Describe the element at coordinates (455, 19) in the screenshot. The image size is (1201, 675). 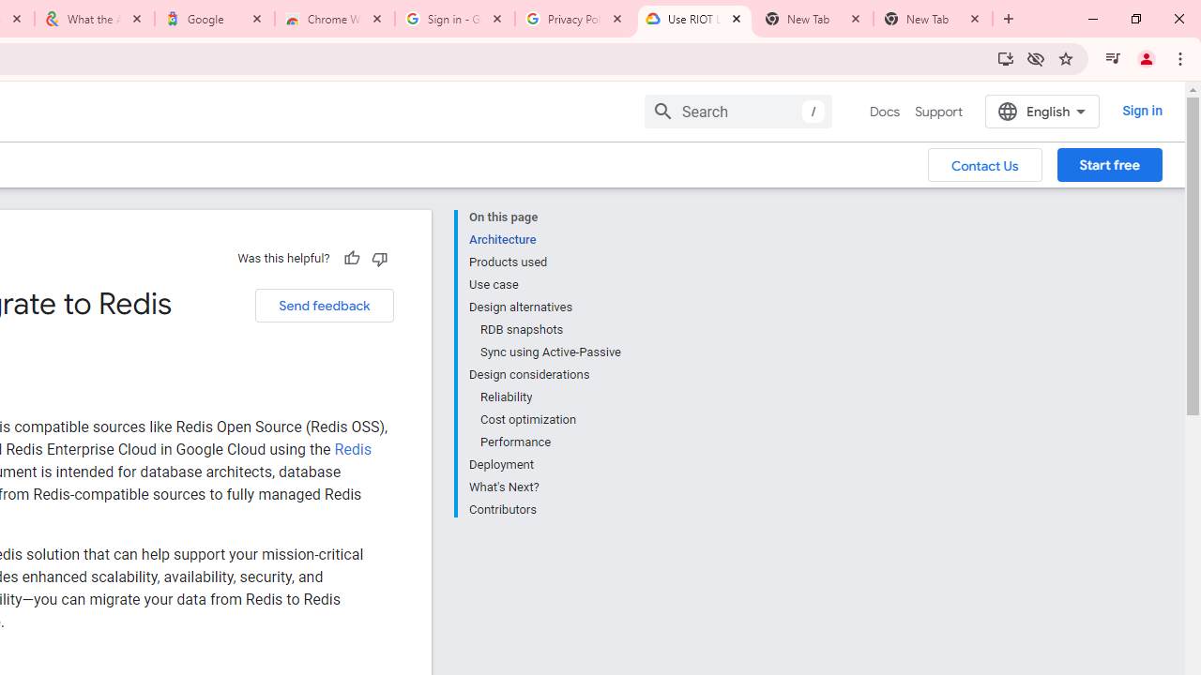
I see `'Sign in - Google Accounts'` at that location.